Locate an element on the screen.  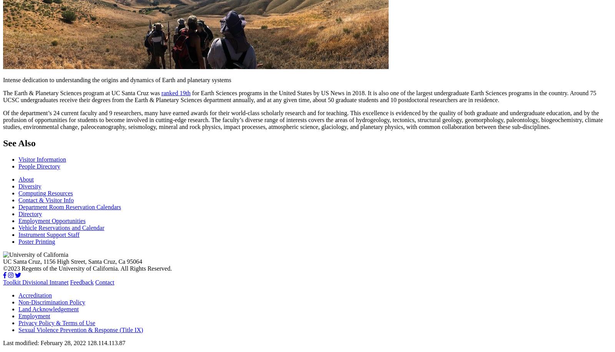
'Vehicle Reservations and Calendar' is located at coordinates (61, 227).